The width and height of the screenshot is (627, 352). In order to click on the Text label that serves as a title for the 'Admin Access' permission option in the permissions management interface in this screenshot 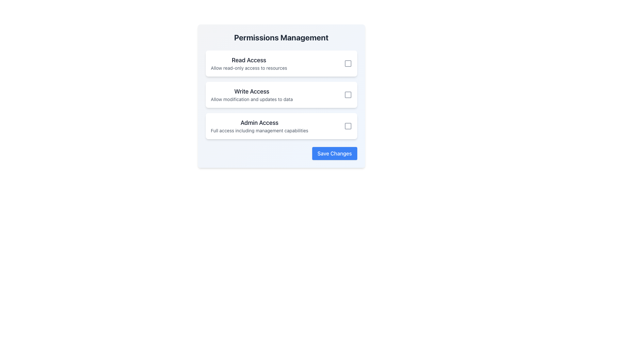, I will do `click(259, 123)`.